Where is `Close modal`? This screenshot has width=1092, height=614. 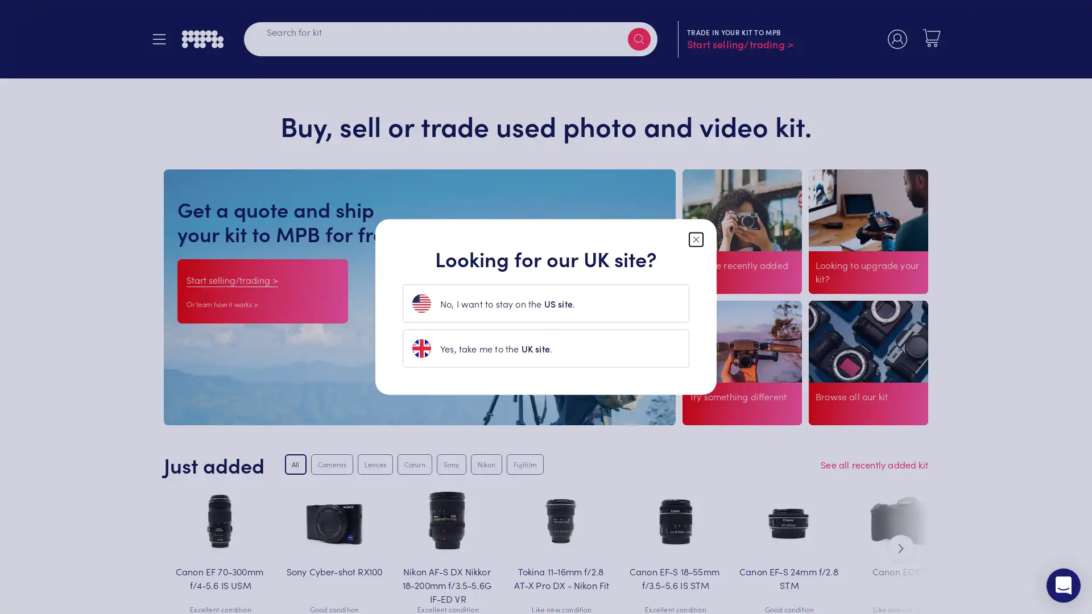 Close modal is located at coordinates (696, 238).